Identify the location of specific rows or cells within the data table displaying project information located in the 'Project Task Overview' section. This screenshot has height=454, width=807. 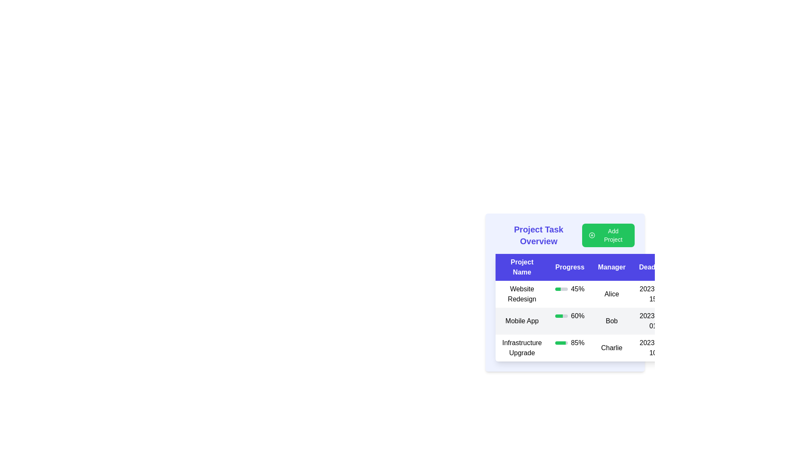
(584, 308).